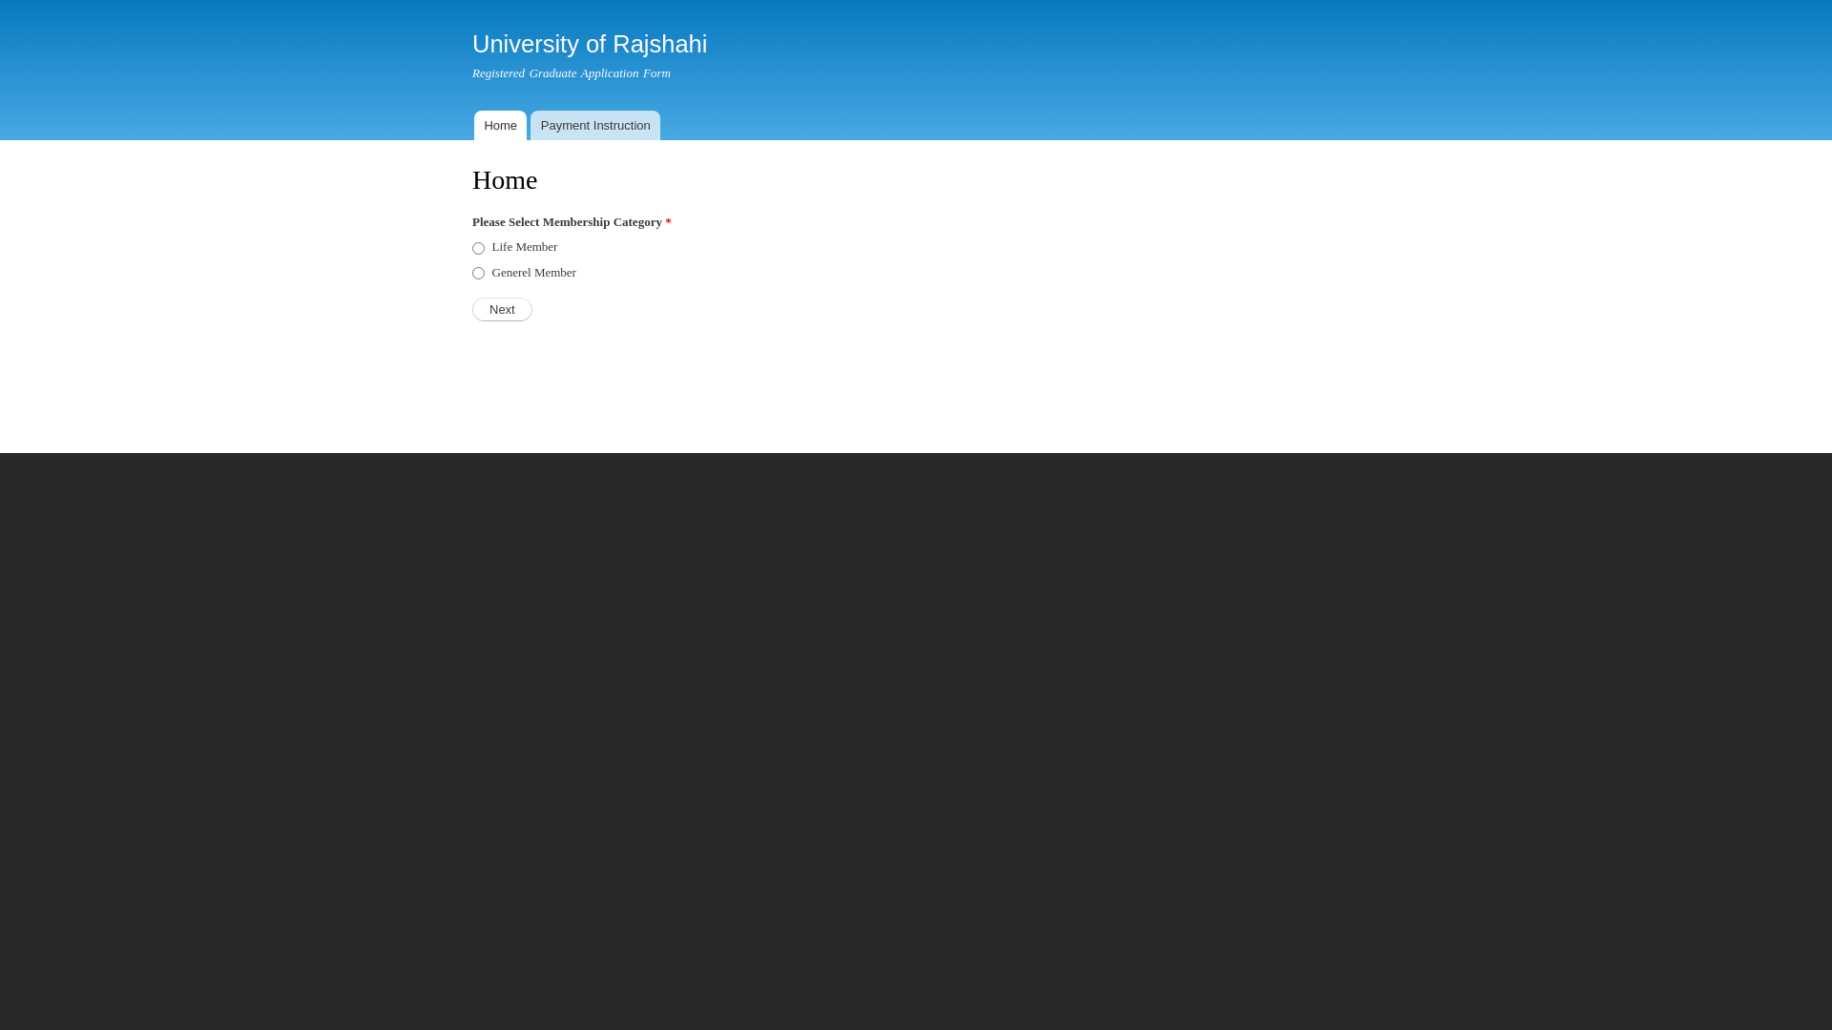 The image size is (1832, 1030). Describe the element at coordinates (500, 125) in the screenshot. I see `'Home'` at that location.